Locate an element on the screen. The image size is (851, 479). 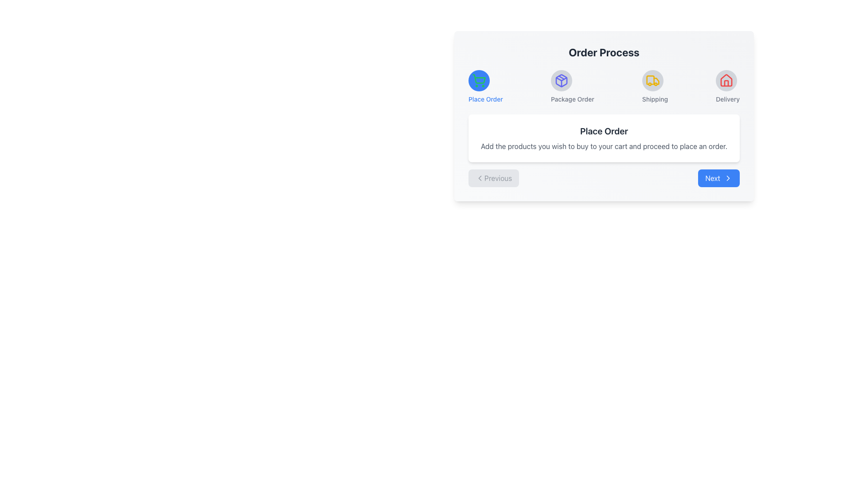
the 3D package-like SVG icon that is part of the 'Package Order' step in the step-by-step order process interface is located at coordinates (561, 80).